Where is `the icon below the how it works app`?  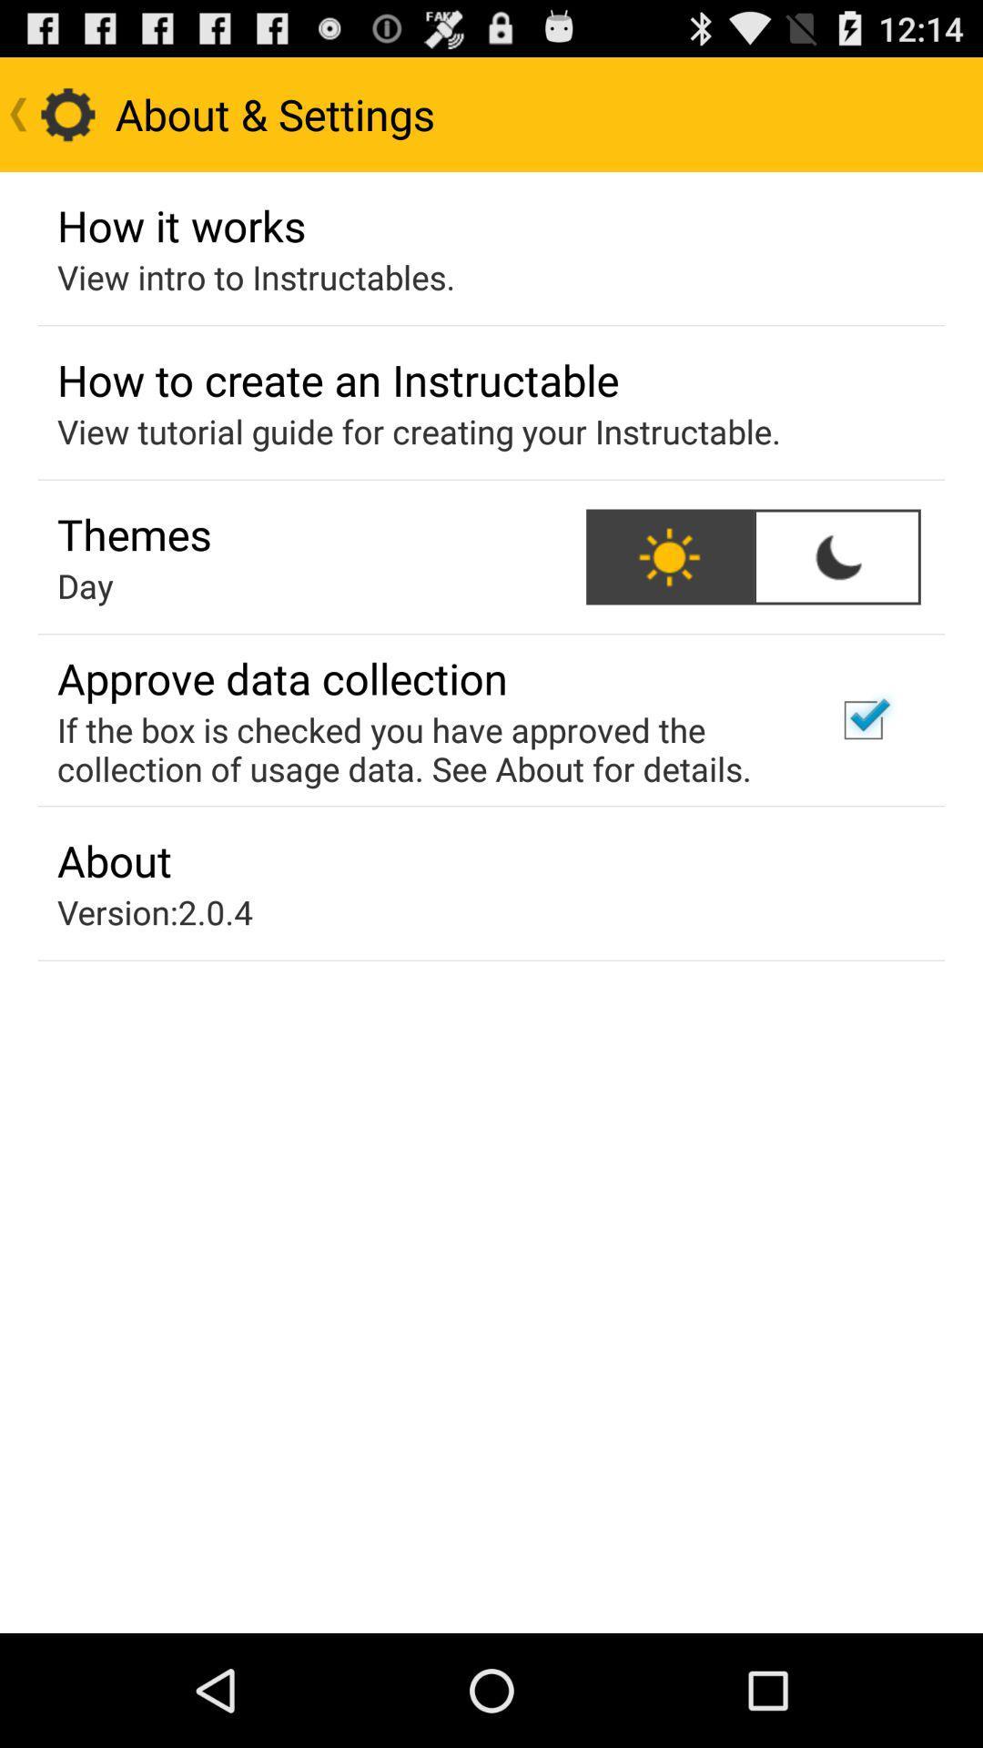 the icon below the how it works app is located at coordinates (256, 276).